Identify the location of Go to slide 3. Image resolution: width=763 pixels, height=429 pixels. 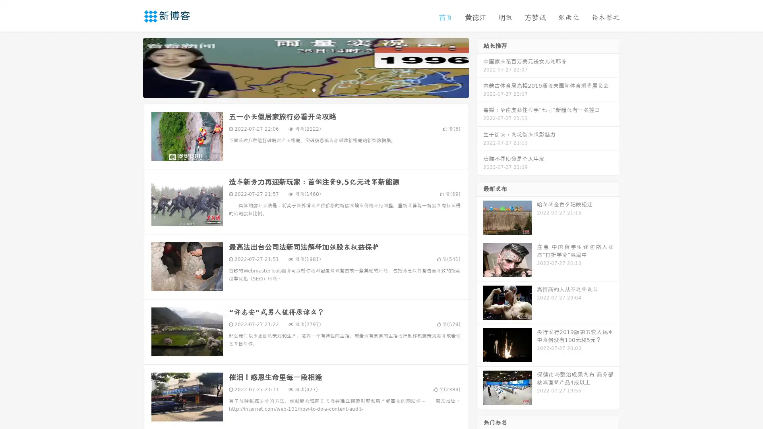
(314, 89).